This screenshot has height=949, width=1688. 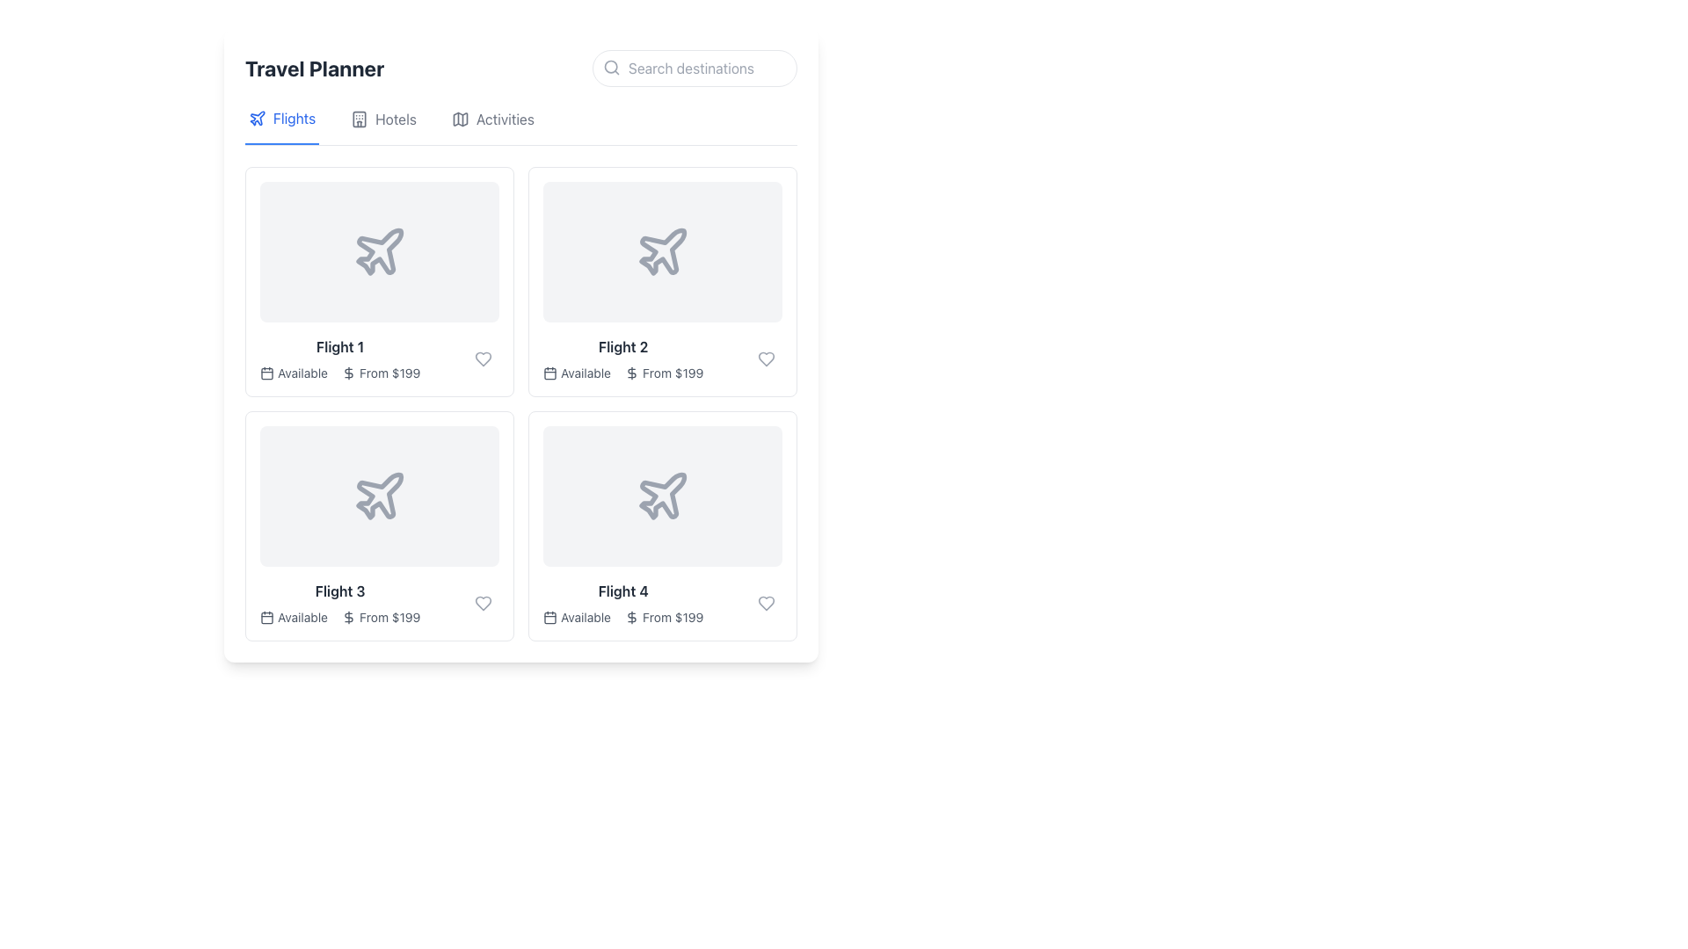 I want to click on the 'Hotels' button, which features a hotel icon on the left and is located in the top navigation bar between the 'Flights' and 'Activities' buttons, so click(x=382, y=125).